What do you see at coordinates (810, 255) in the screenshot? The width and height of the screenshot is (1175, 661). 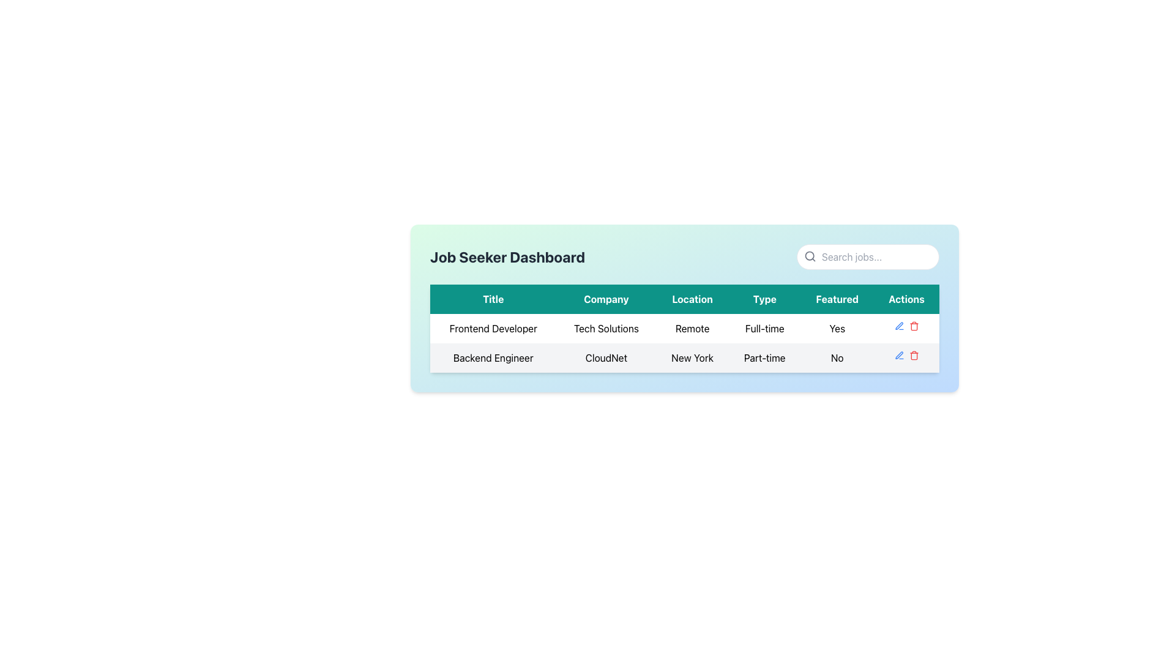 I see `the SVG Circle that is part of the search icon located at the top-right of the dashboard interface, near the 'Search jobs...' text input field` at bounding box center [810, 255].